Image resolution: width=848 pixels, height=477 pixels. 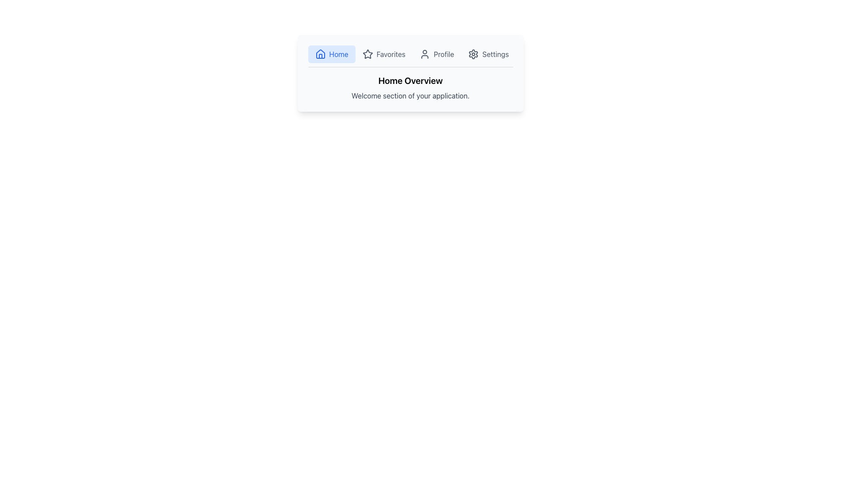 I want to click on the house-shaped icon located in the navigation menu at the top left, next to the 'Home' label, so click(x=320, y=54).